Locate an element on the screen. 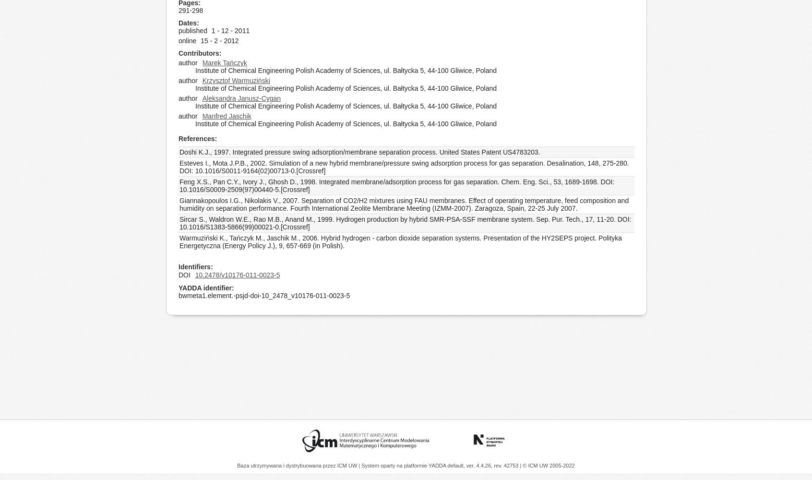 This screenshot has width=812, height=480. 'YADDA identifier' is located at coordinates (204, 288).